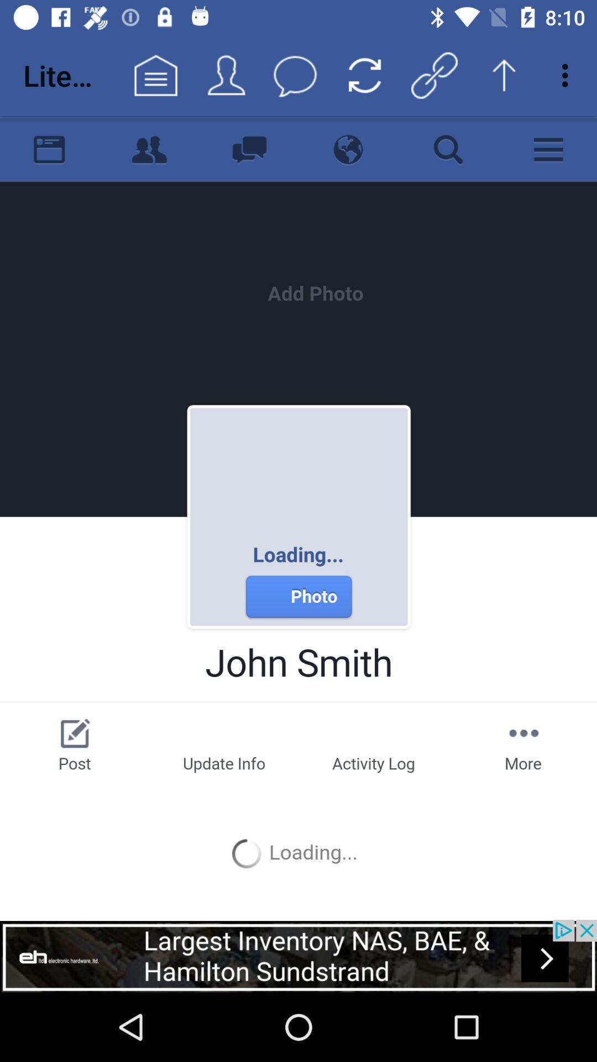 This screenshot has height=1062, width=597. I want to click on loading page, so click(298, 517).